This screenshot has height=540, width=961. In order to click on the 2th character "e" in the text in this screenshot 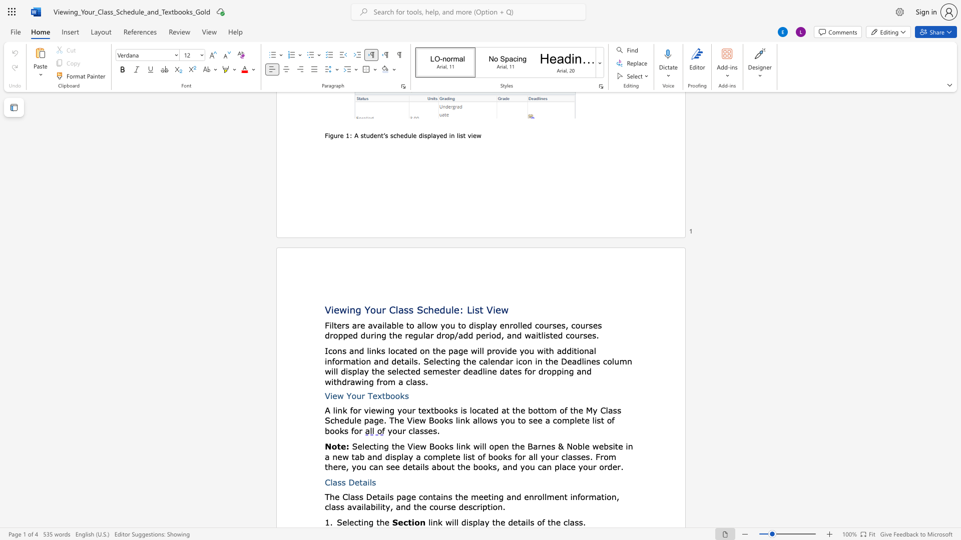, I will do `click(351, 521)`.